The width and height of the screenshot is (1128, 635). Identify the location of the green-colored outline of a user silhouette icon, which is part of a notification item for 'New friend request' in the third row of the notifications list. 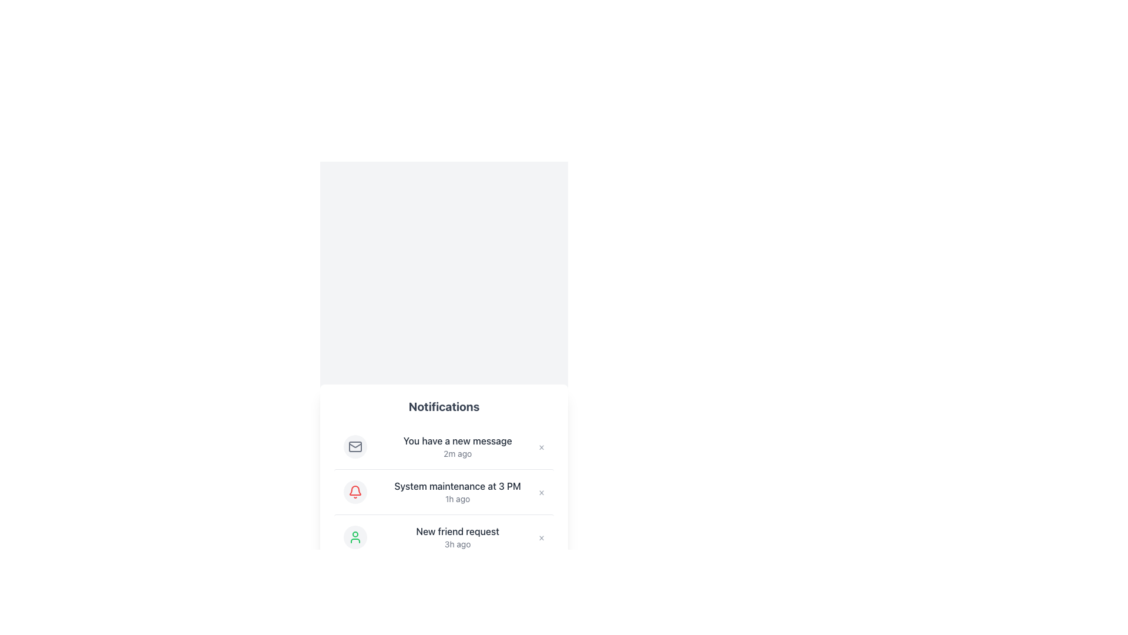
(354, 537).